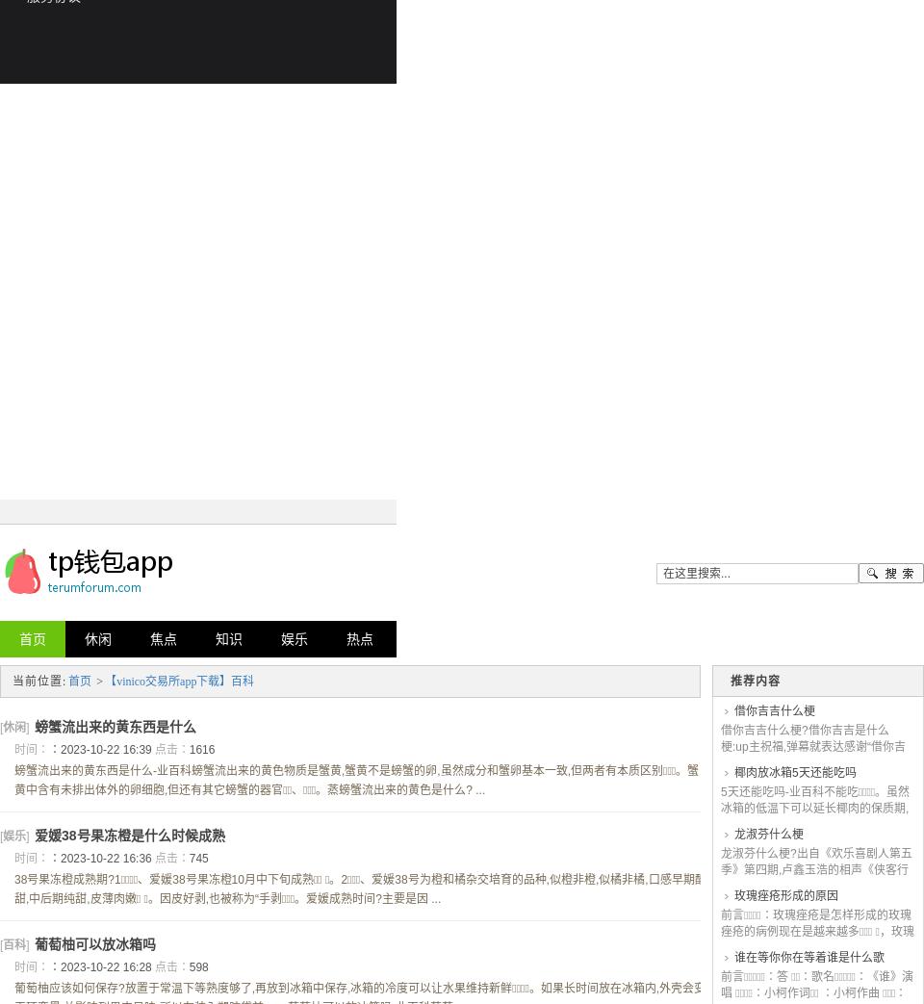 This screenshot has height=1004, width=924. I want to click on '螃蟹流出来的黄东西是什么-业百科螃蟹流出来的黄色物质是蟹黄,蟹黄不是螃蟹的卵,虽然成分和蟹卵基本一致,但两者有本质区别。蟹黄中含有未排出体外的卵细胞,但还有其它螃蟹的器官、。蒸螃蟹流出来的黄色是什么?
...', so click(355, 780).